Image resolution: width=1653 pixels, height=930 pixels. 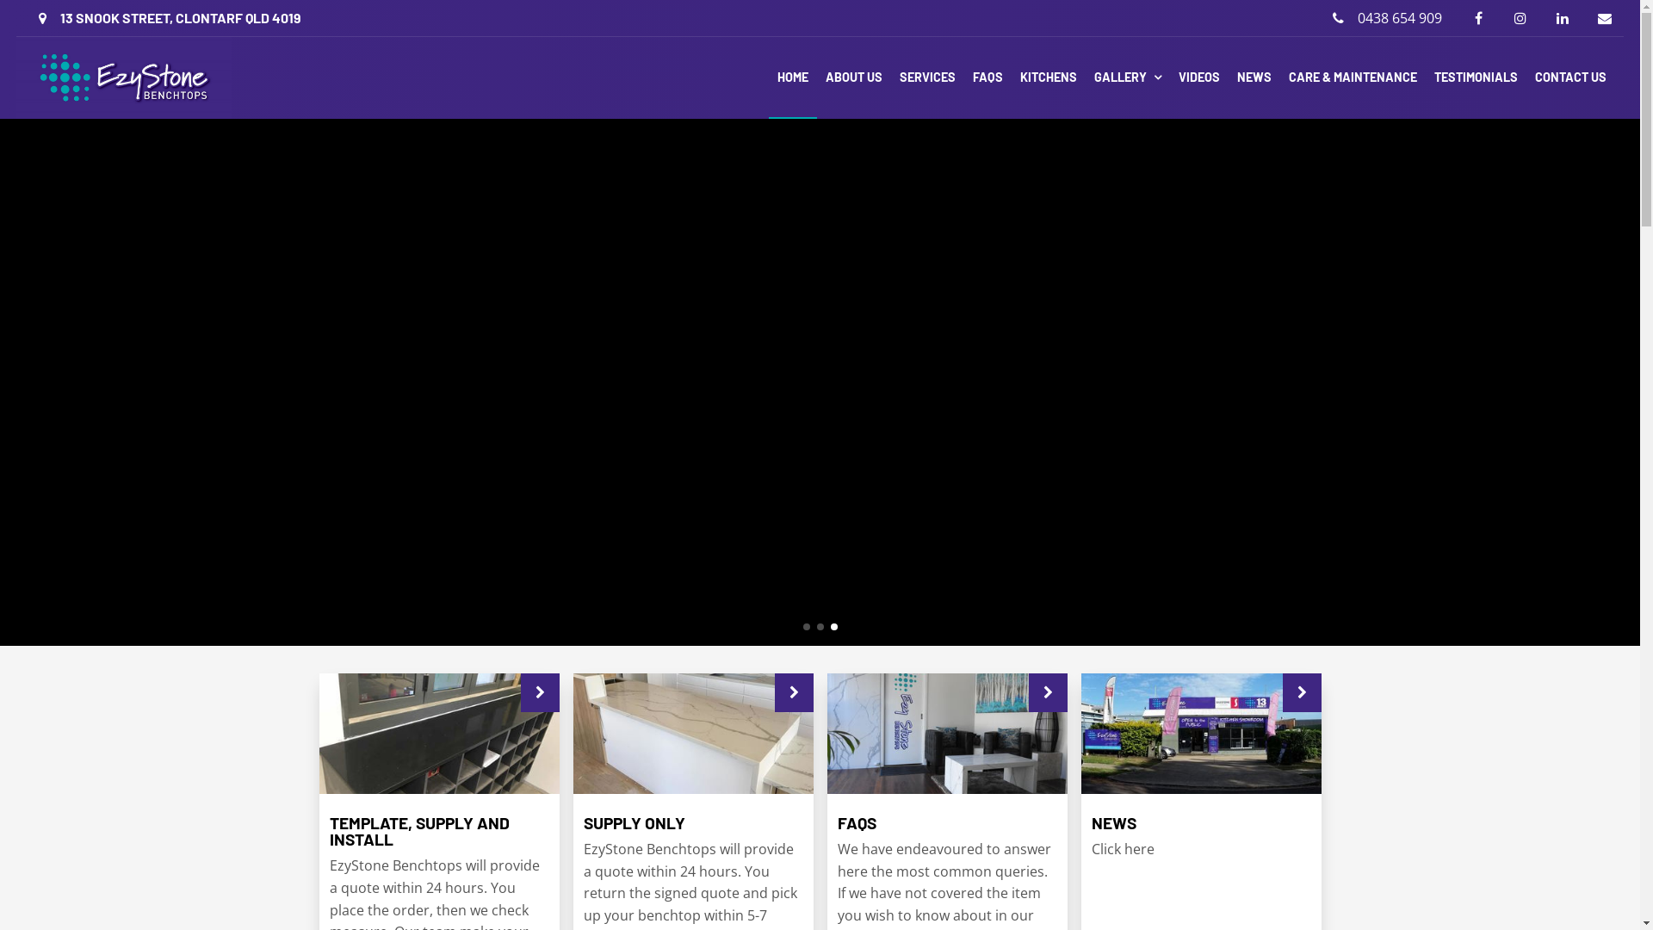 I want to click on 'VIDEOS', so click(x=1169, y=77).